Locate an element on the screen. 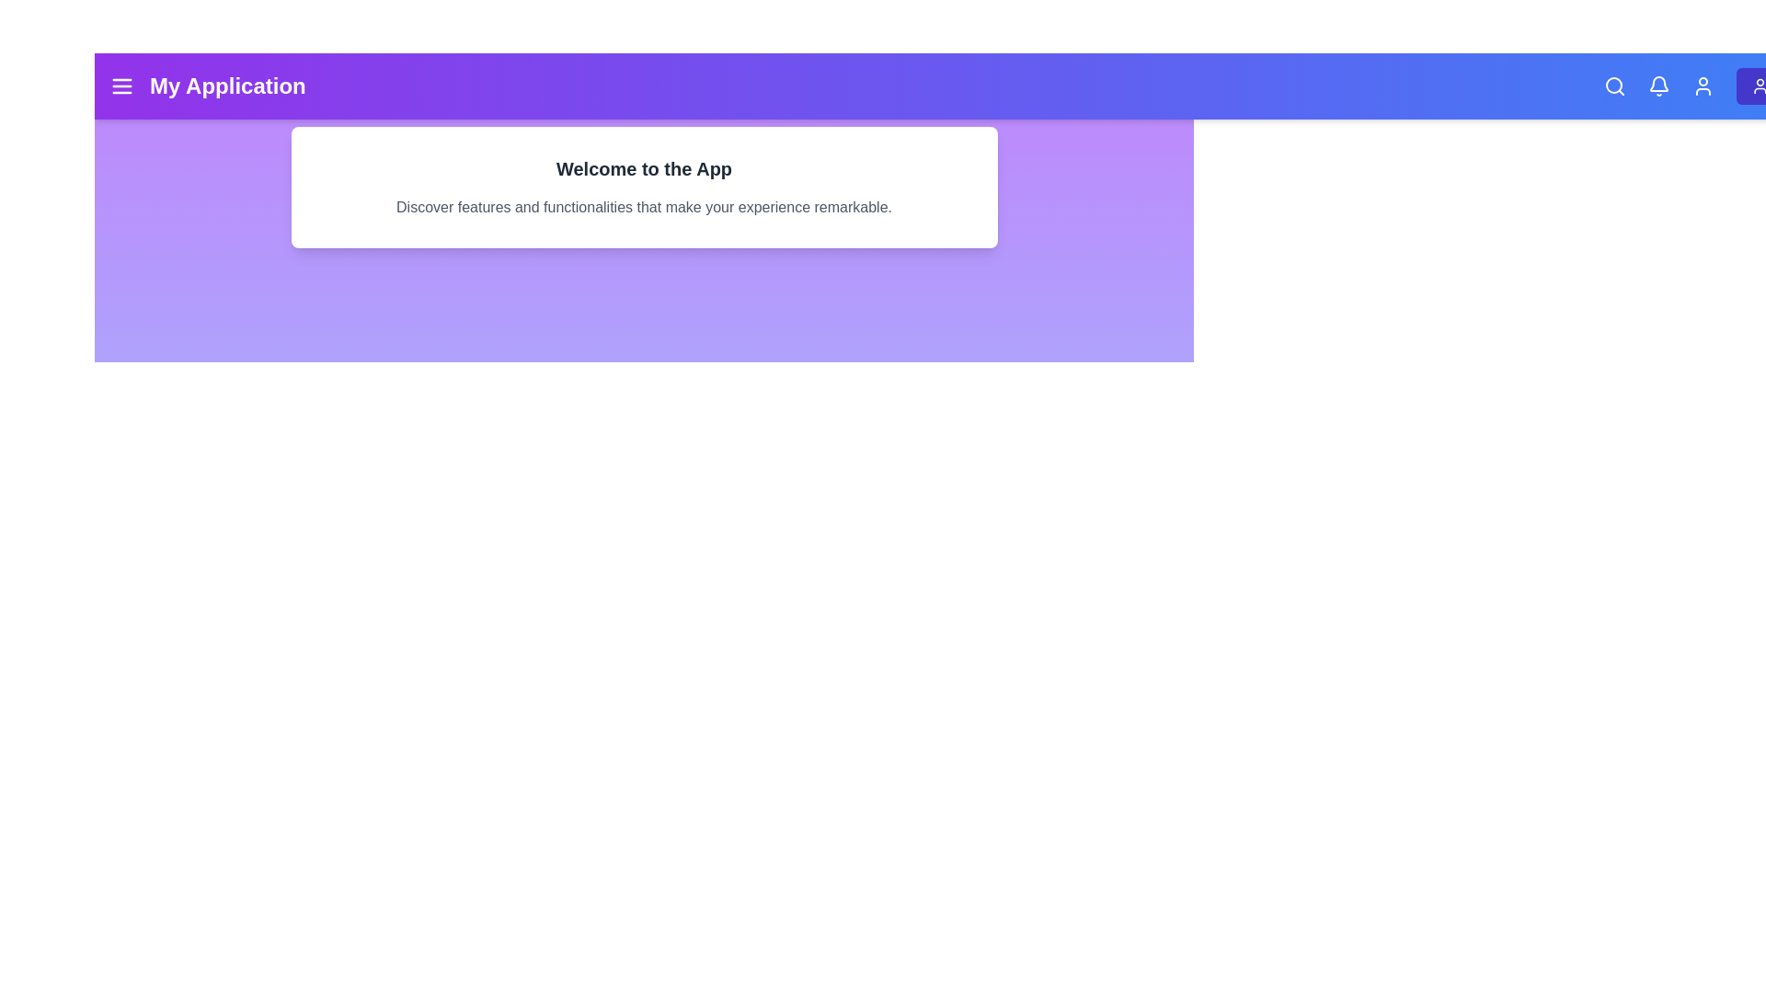  the notification bell icon is located at coordinates (1658, 86).